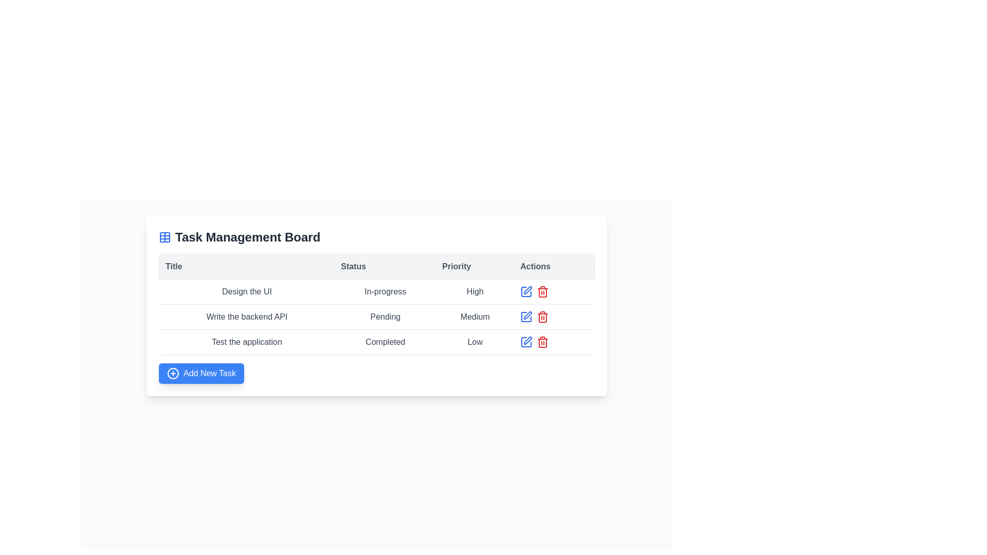  I want to click on text 'Low' from the Text label indicating the priority level for the task 'Test the application' in the 'Priority' column of the table, so click(474, 342).